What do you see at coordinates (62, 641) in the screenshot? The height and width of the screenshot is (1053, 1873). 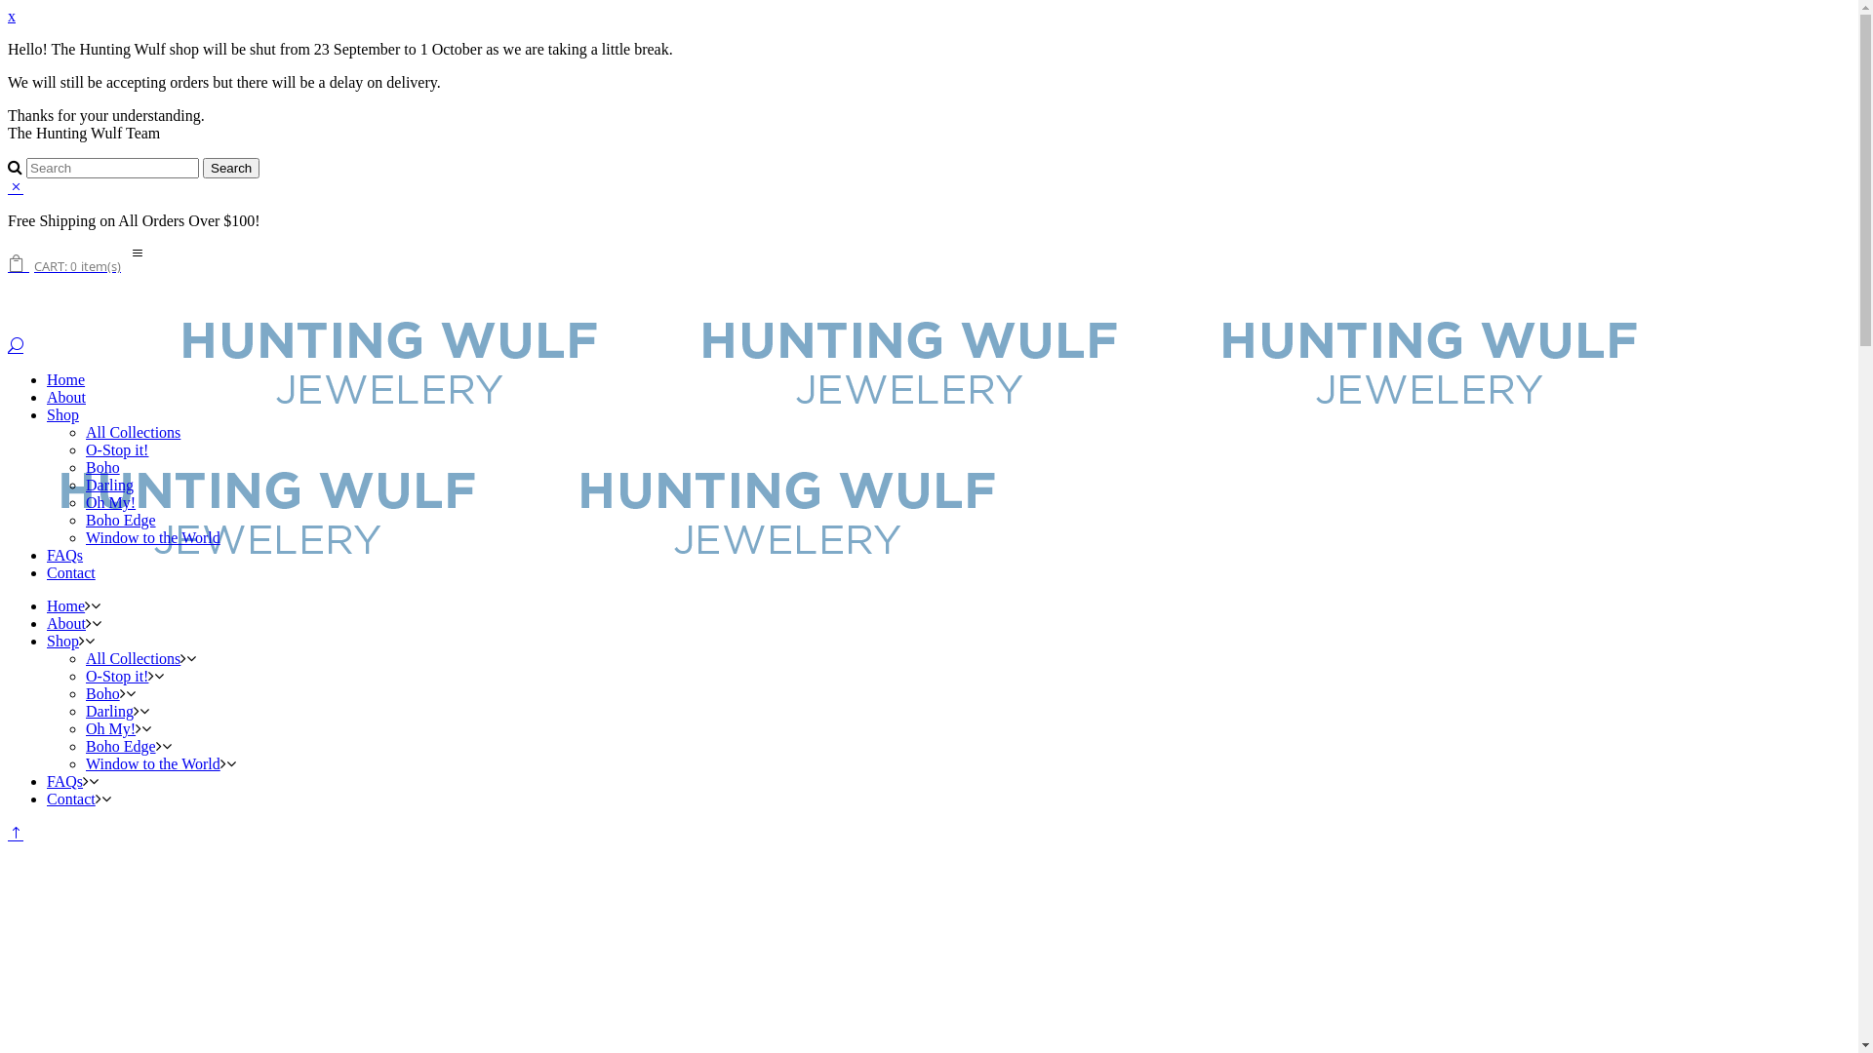 I see `'Shop'` at bounding box center [62, 641].